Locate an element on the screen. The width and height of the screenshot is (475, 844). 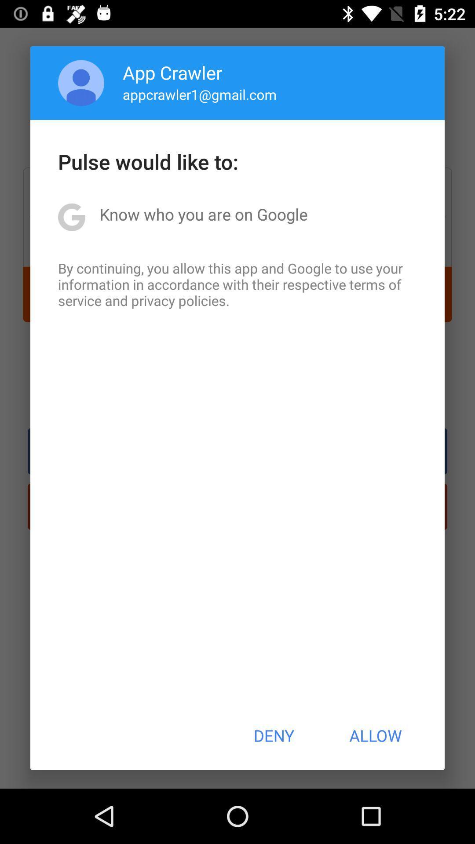
the app to the left of the app crawler item is located at coordinates (81, 83).